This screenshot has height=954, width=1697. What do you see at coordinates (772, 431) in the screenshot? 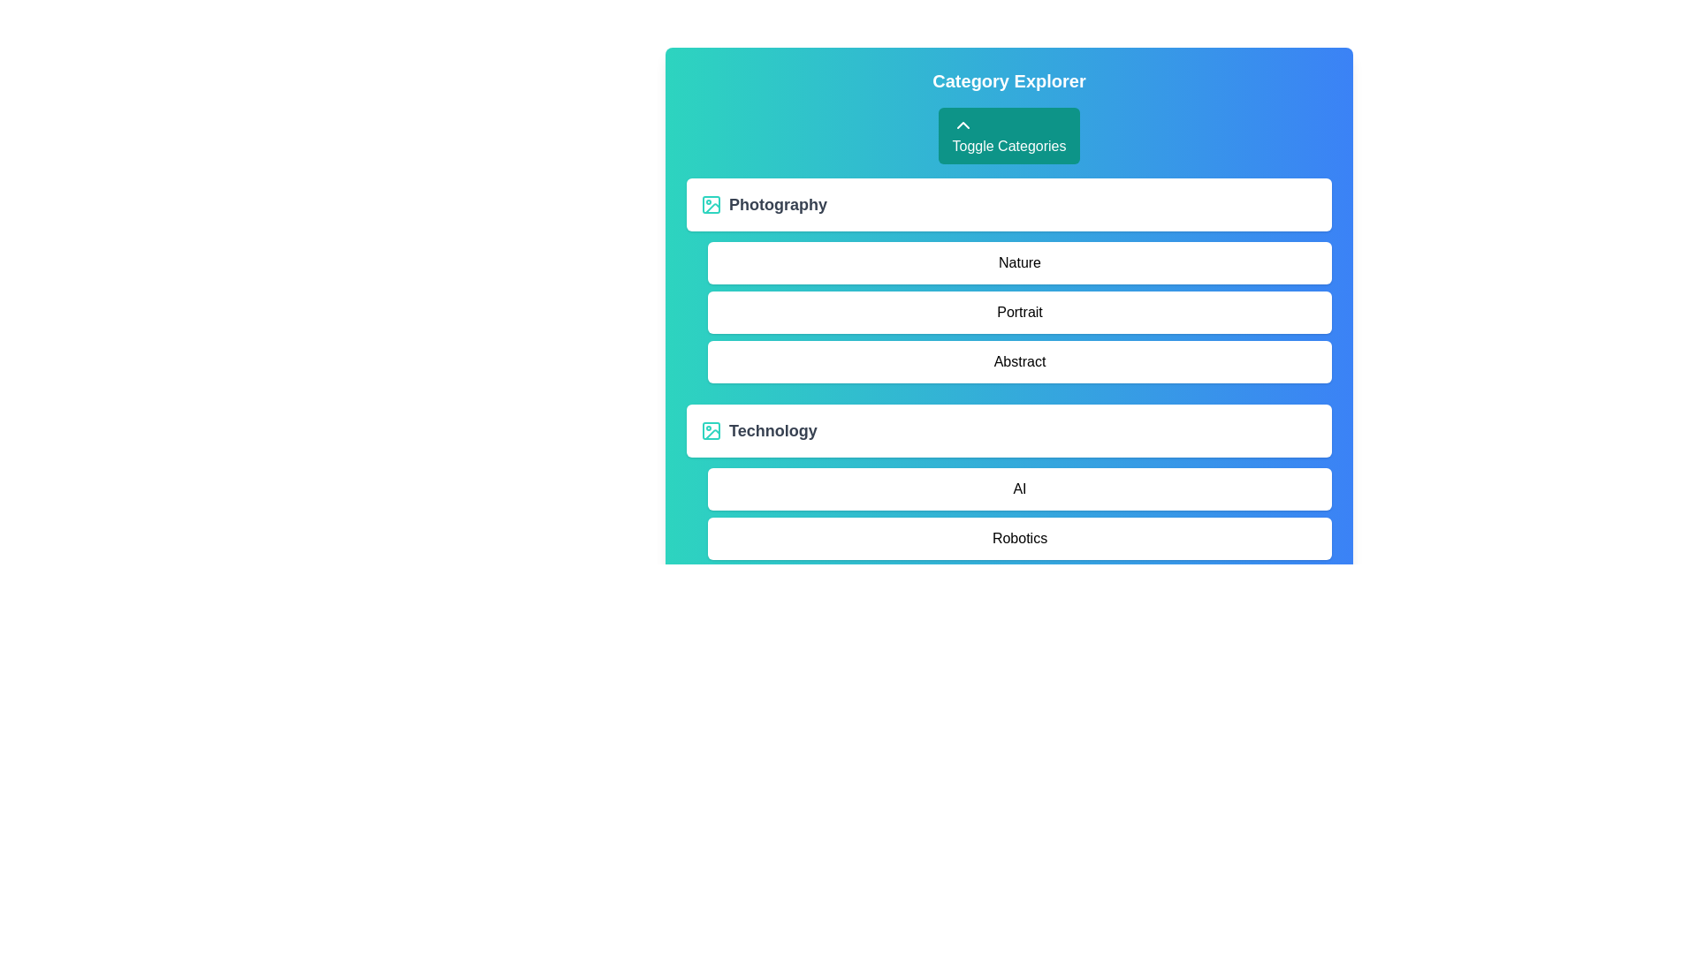
I see `the category title Technology to focus on it` at bounding box center [772, 431].